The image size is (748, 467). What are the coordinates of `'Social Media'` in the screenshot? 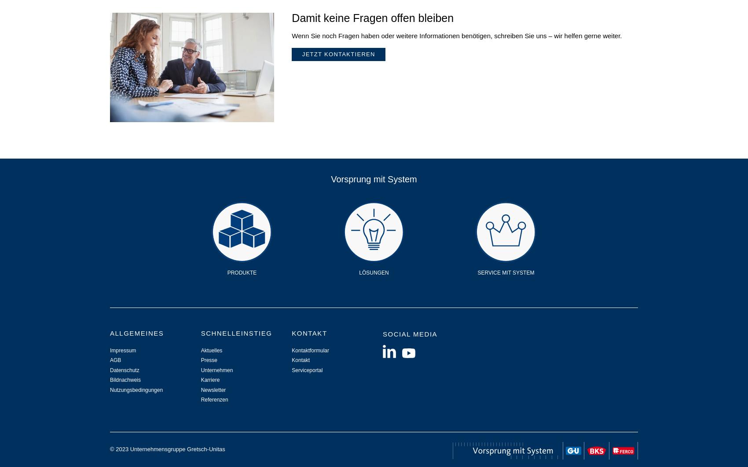 It's located at (410, 333).